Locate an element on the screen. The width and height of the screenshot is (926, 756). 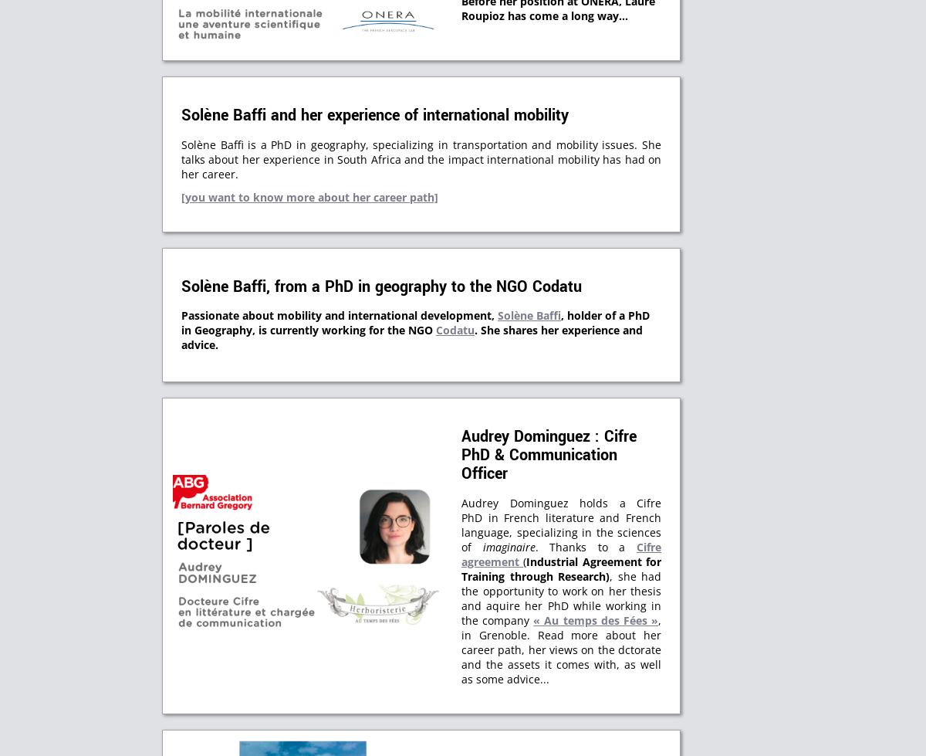
', holder of a PhD in Geography, is currently working for the NGO' is located at coordinates (414, 323).